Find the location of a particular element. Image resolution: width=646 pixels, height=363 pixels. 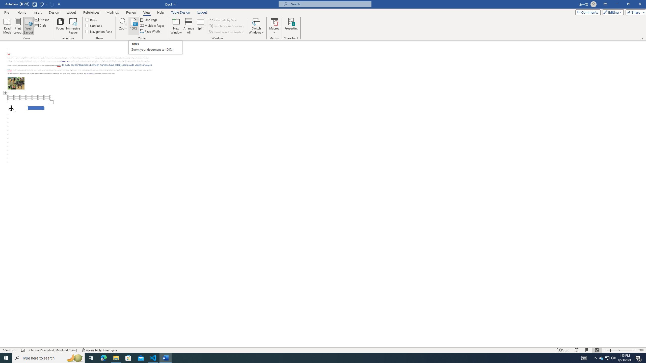

'Focus' is located at coordinates (60, 26).